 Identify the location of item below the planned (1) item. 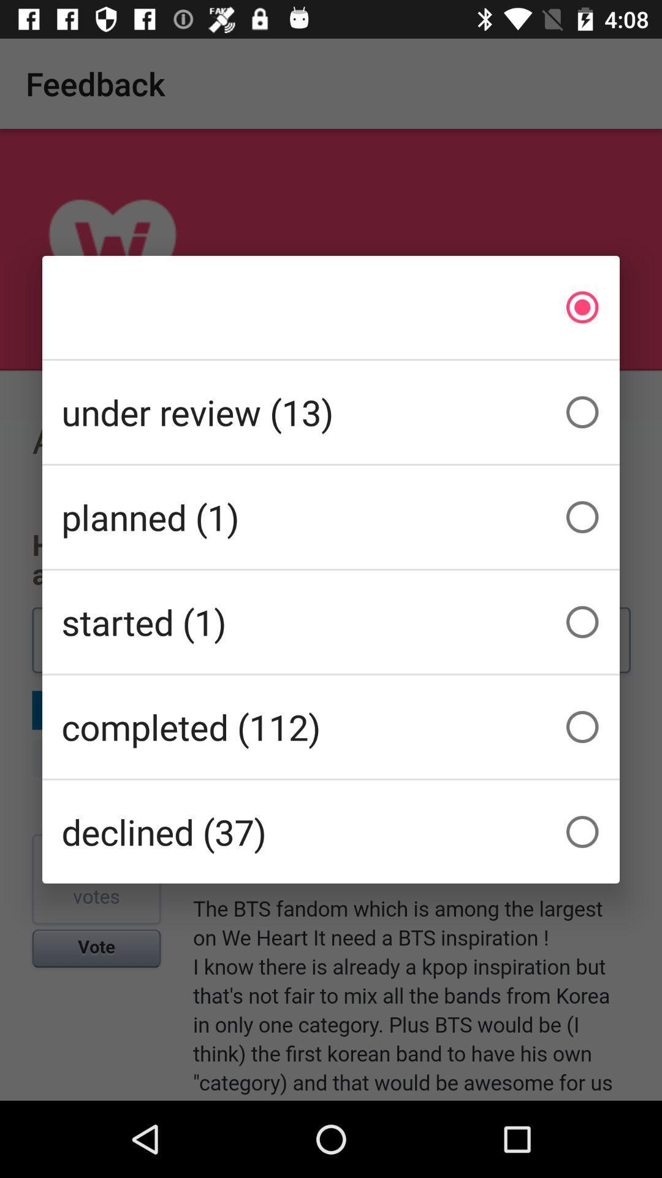
(331, 622).